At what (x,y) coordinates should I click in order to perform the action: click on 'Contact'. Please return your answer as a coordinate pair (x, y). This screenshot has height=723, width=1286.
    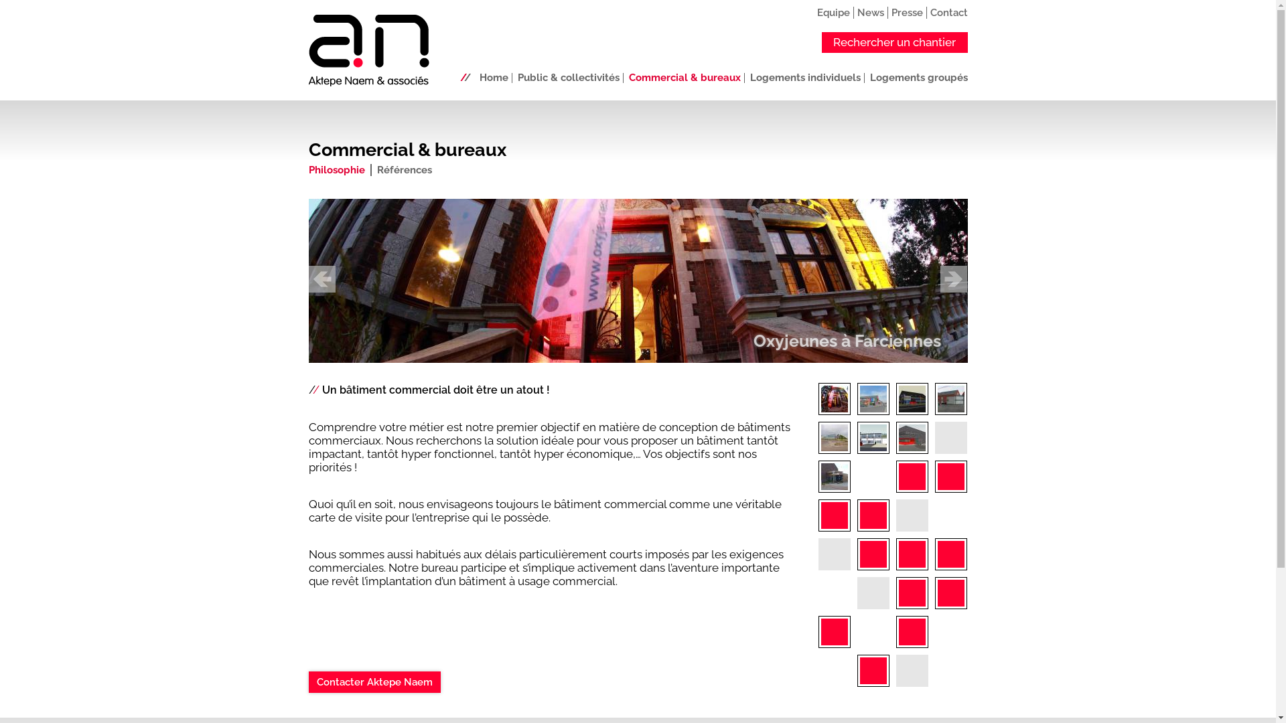
    Looking at the image, I should click on (948, 12).